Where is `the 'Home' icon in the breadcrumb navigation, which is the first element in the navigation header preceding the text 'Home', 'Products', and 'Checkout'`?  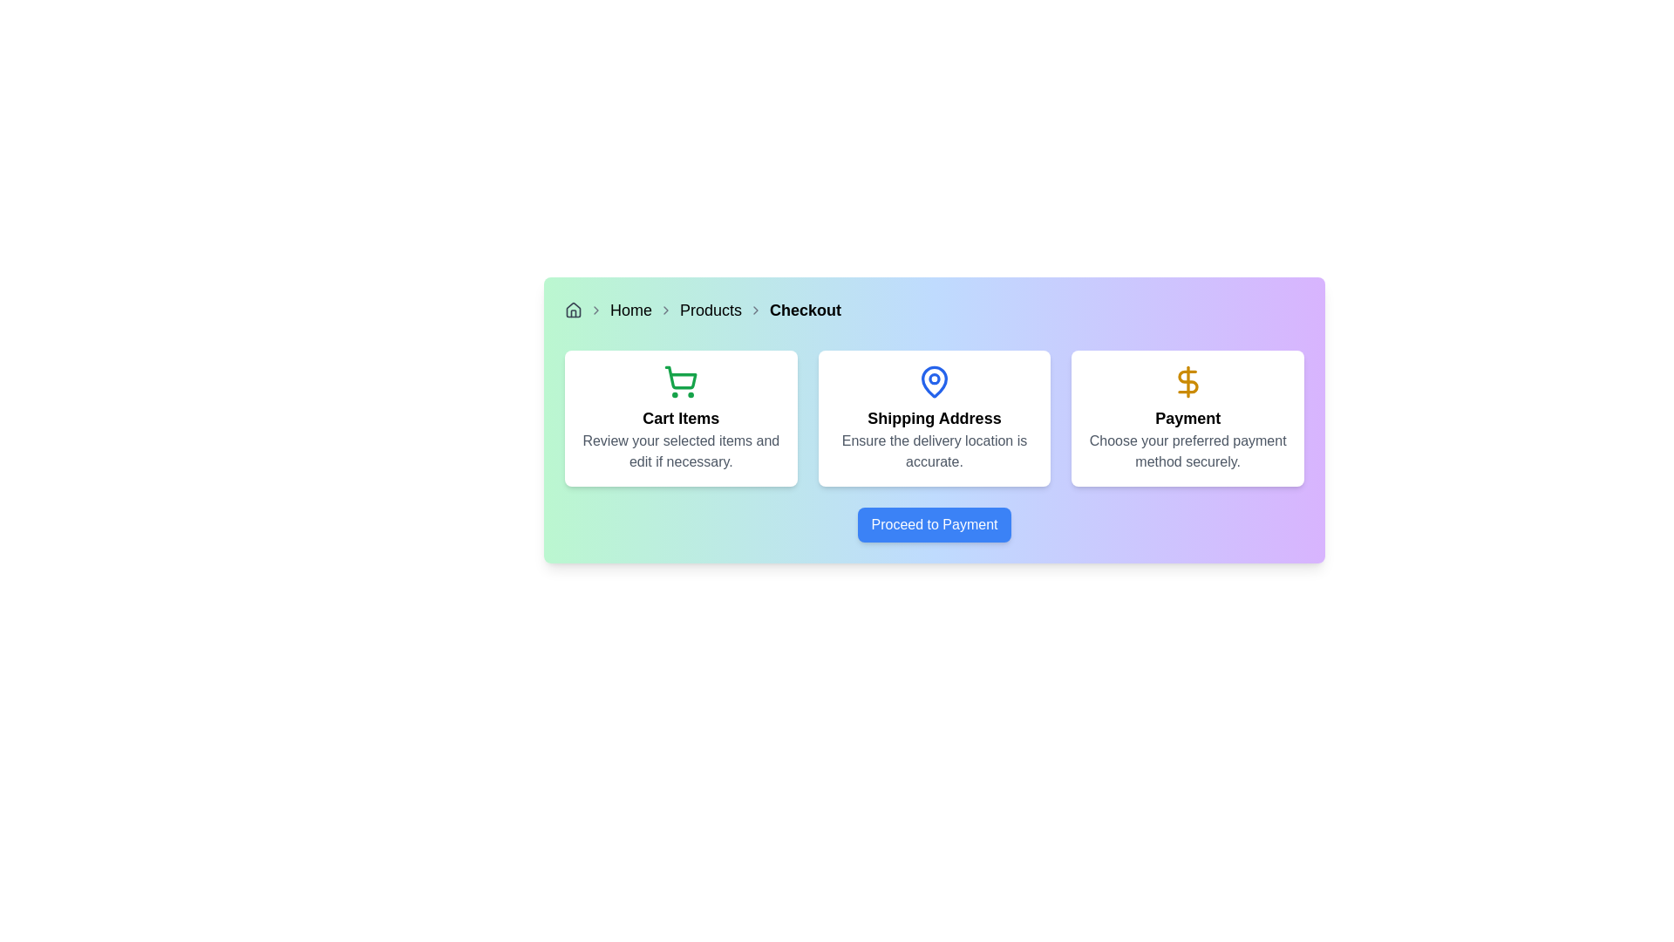 the 'Home' icon in the breadcrumb navigation, which is the first element in the navigation header preceding the text 'Home', 'Products', and 'Checkout' is located at coordinates (573, 309).